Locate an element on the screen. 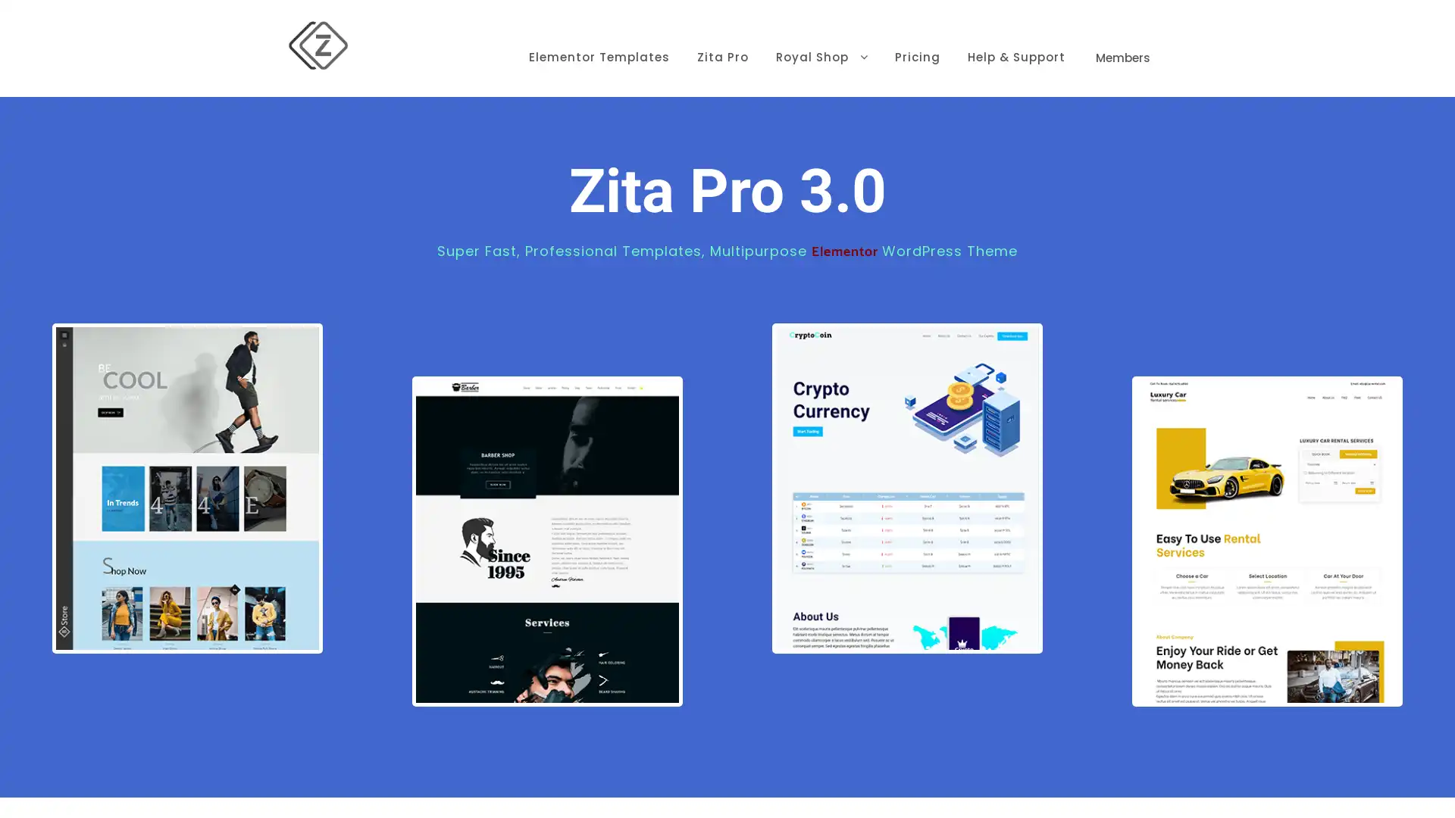 The width and height of the screenshot is (1455, 818). Members is located at coordinates (1123, 34).